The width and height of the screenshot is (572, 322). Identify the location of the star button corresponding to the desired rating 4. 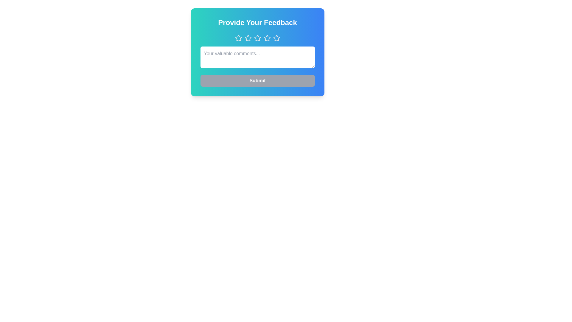
(267, 38).